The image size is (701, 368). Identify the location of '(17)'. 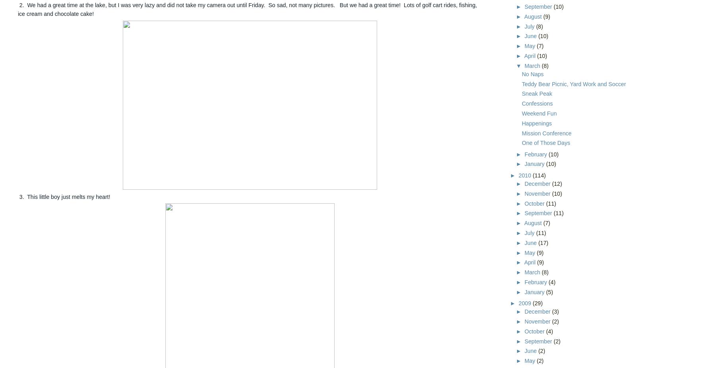
(543, 242).